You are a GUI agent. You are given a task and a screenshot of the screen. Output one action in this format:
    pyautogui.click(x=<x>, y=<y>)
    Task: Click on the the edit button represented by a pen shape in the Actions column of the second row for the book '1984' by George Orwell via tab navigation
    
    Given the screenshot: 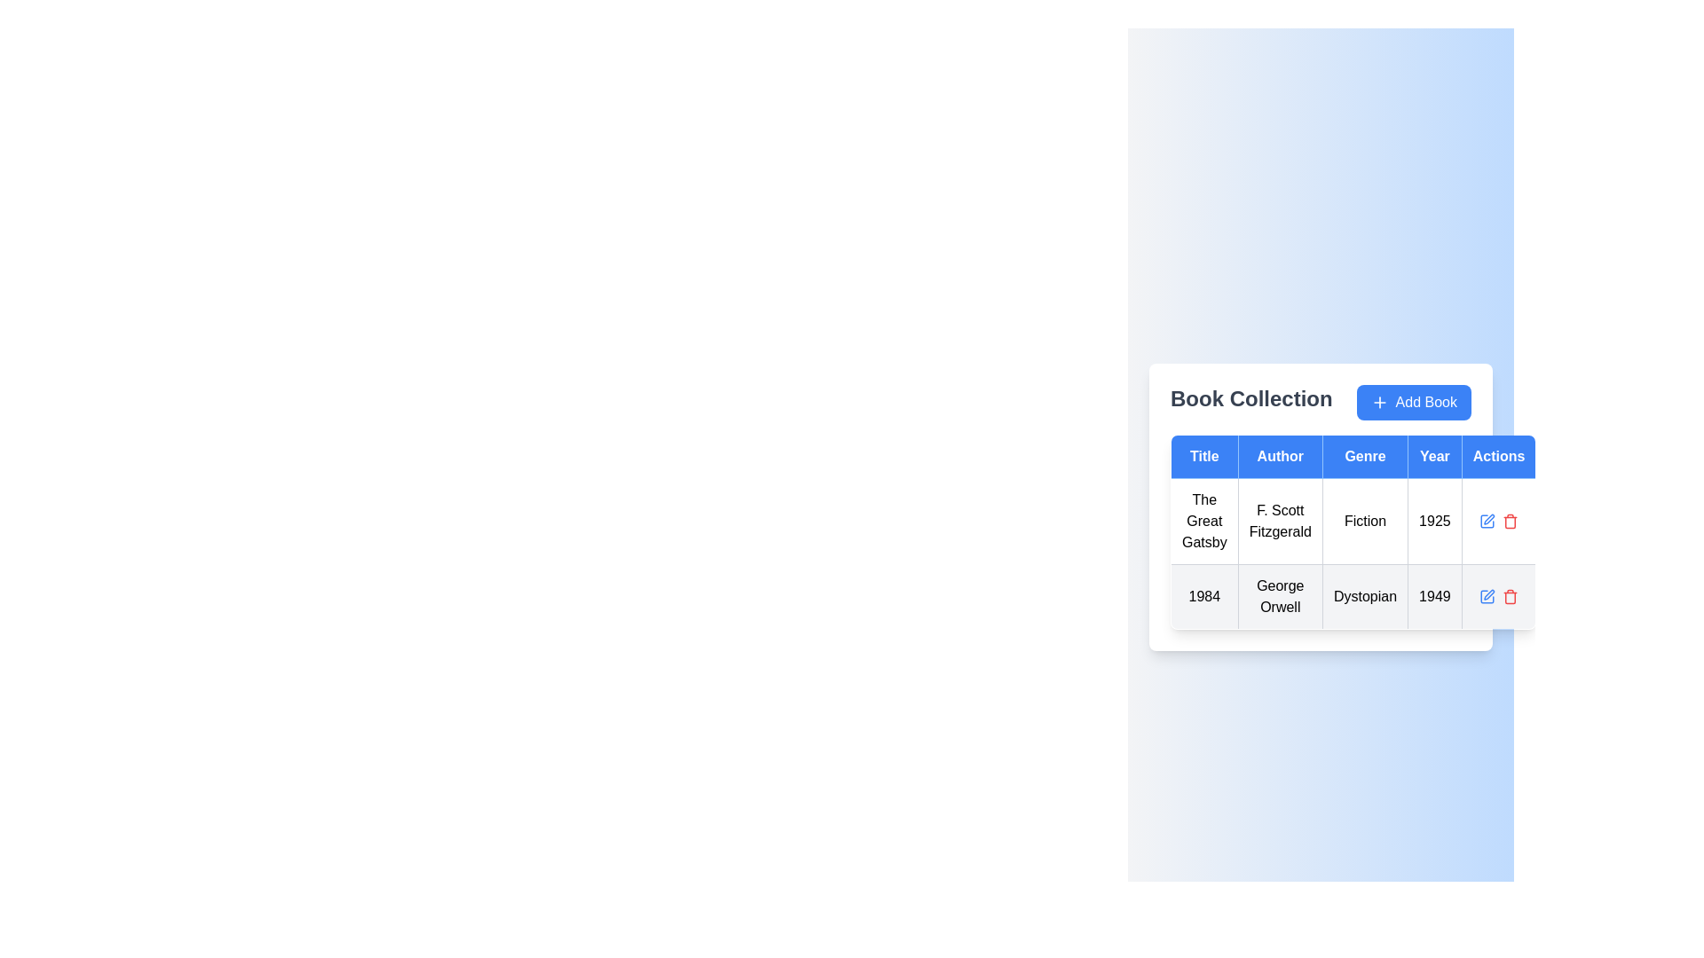 What is the action you would take?
    pyautogui.click(x=1489, y=594)
    